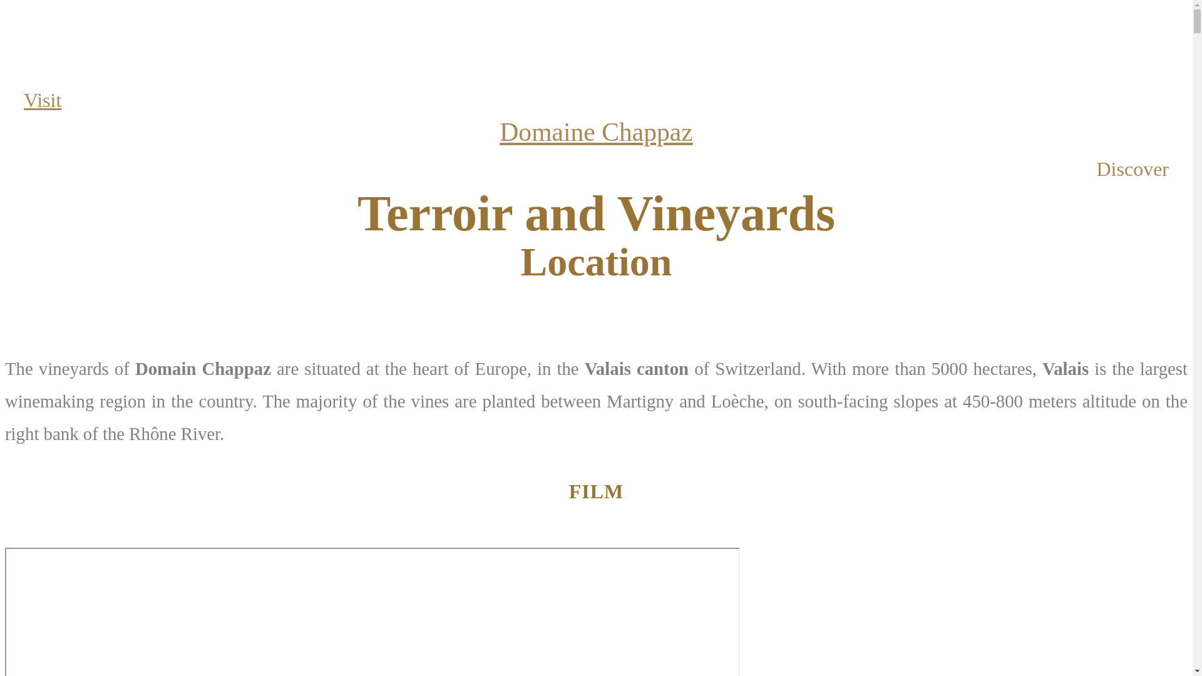 The width and height of the screenshot is (1202, 676). I want to click on 'Discover', so click(1133, 169).